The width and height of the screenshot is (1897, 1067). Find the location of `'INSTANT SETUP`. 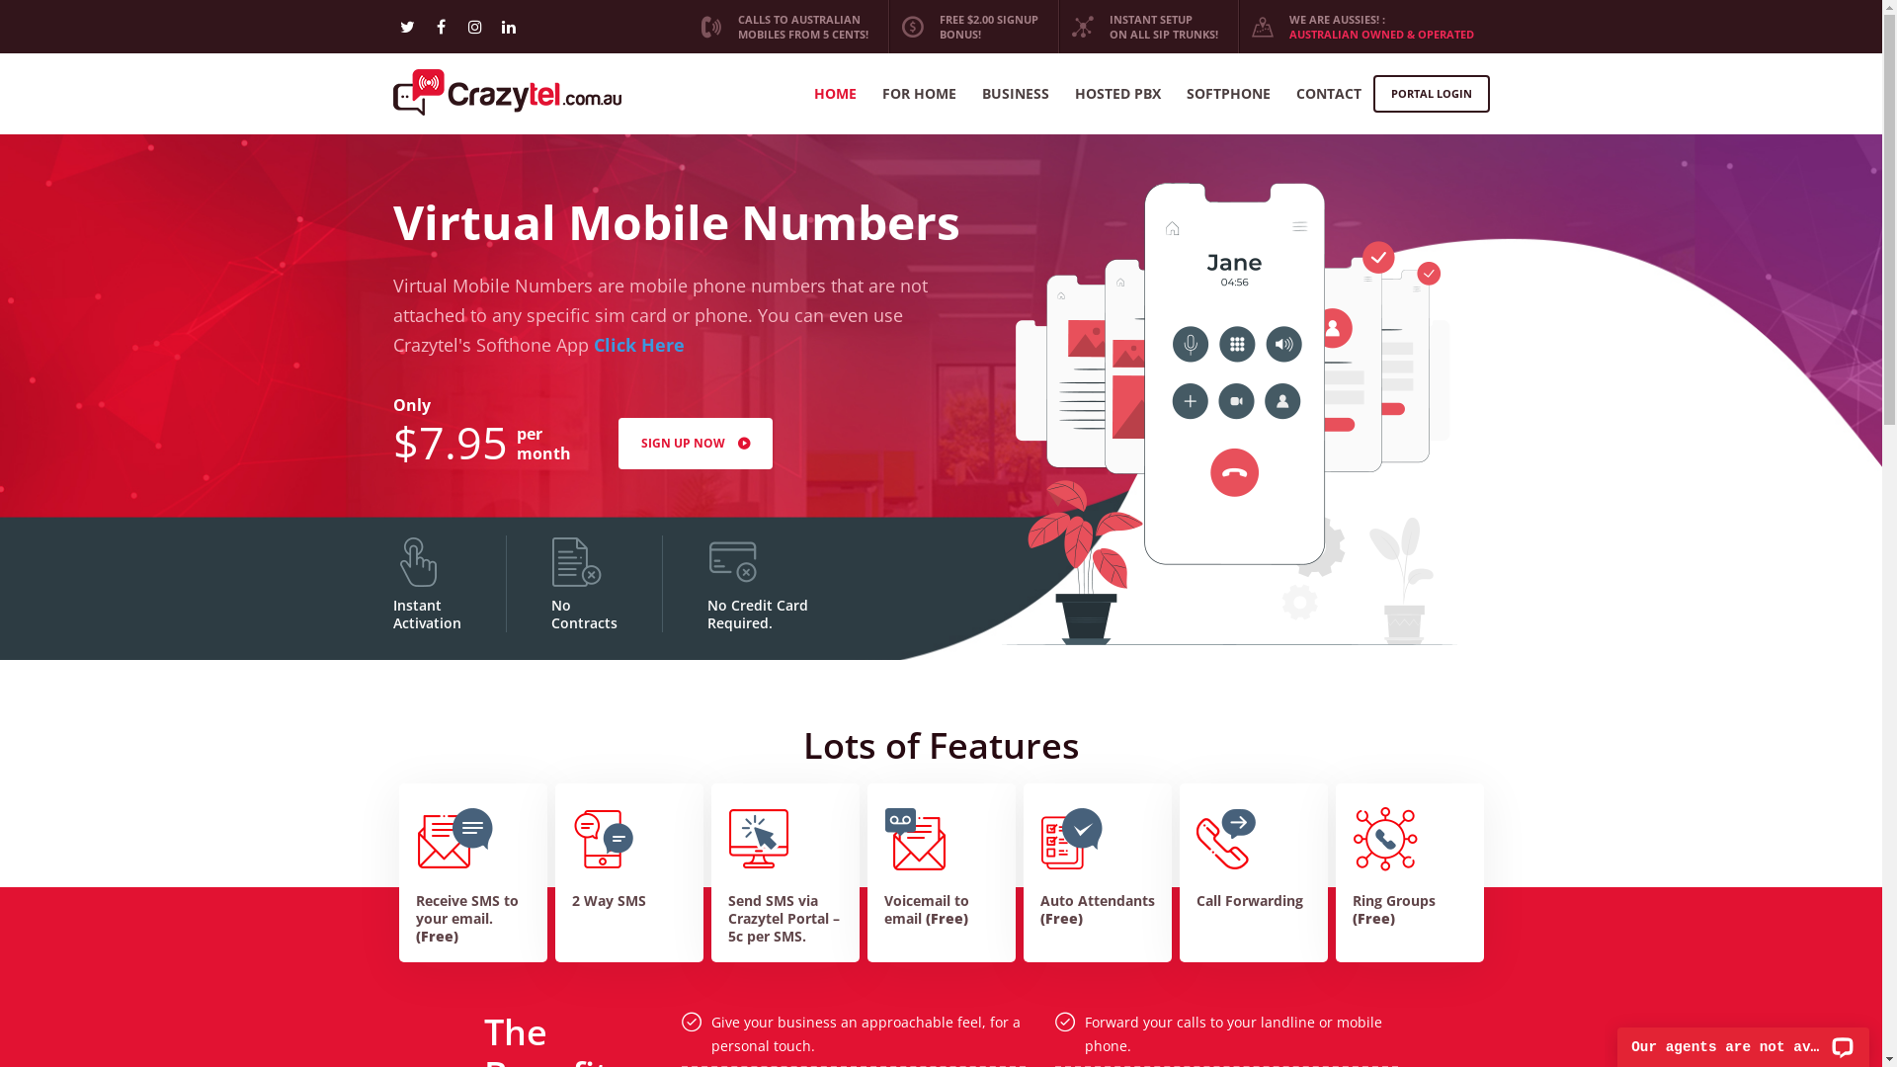

'INSTANT SETUP is located at coordinates (1144, 27).